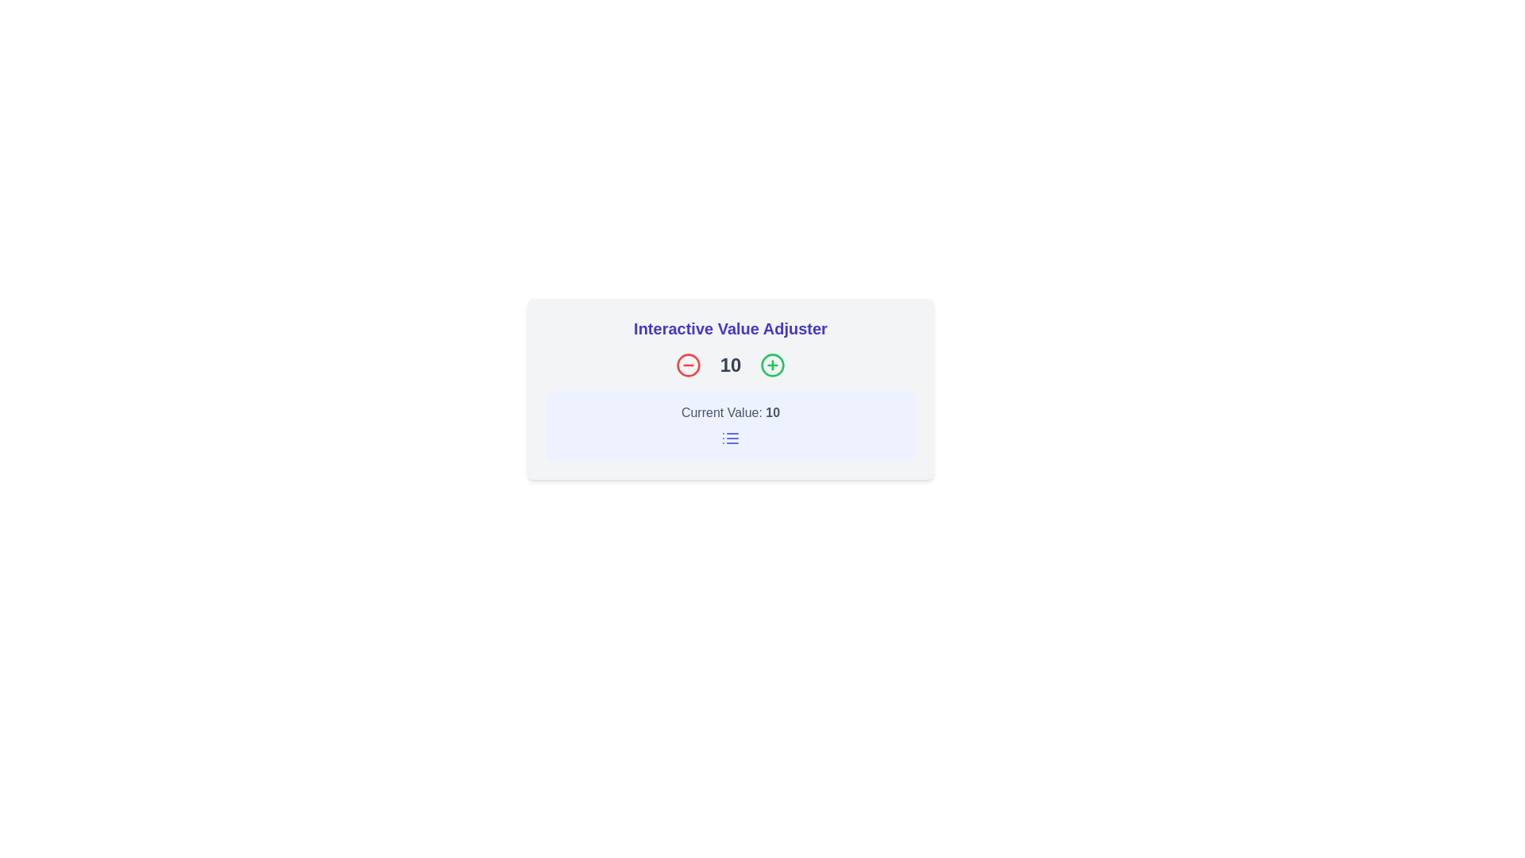  What do you see at coordinates (688, 365) in the screenshot?
I see `the button on the left that decreases the numerical value displayed nearby` at bounding box center [688, 365].